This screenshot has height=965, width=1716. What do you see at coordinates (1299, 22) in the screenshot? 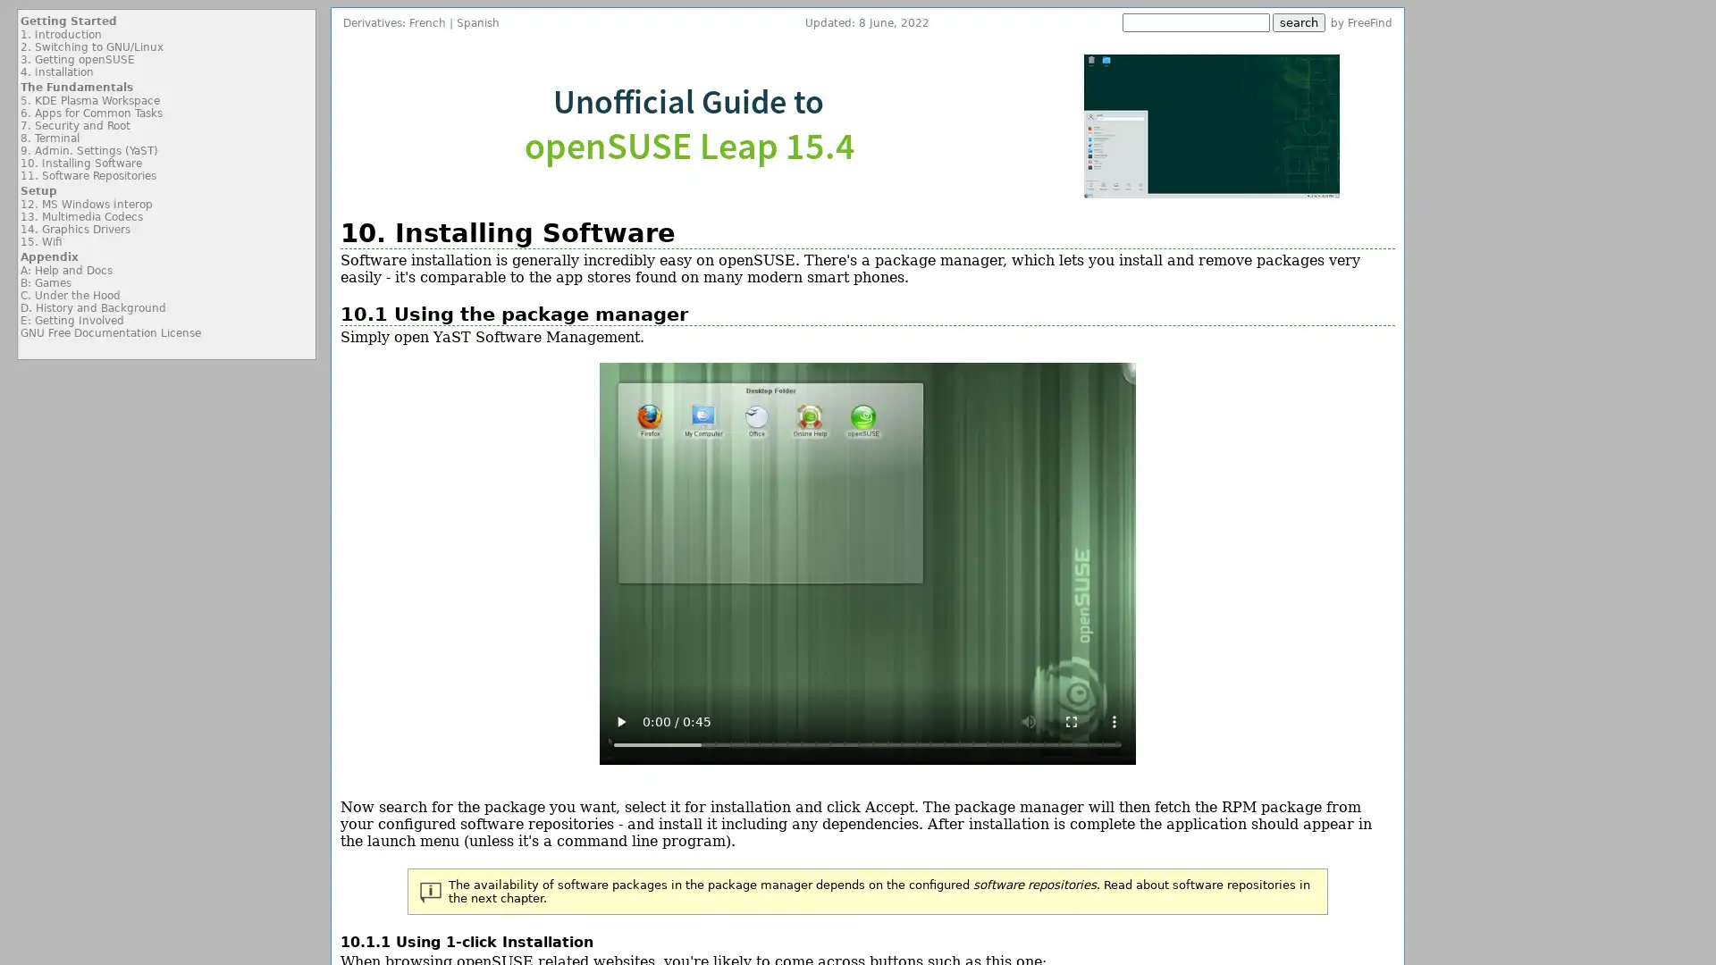
I see `search` at bounding box center [1299, 22].